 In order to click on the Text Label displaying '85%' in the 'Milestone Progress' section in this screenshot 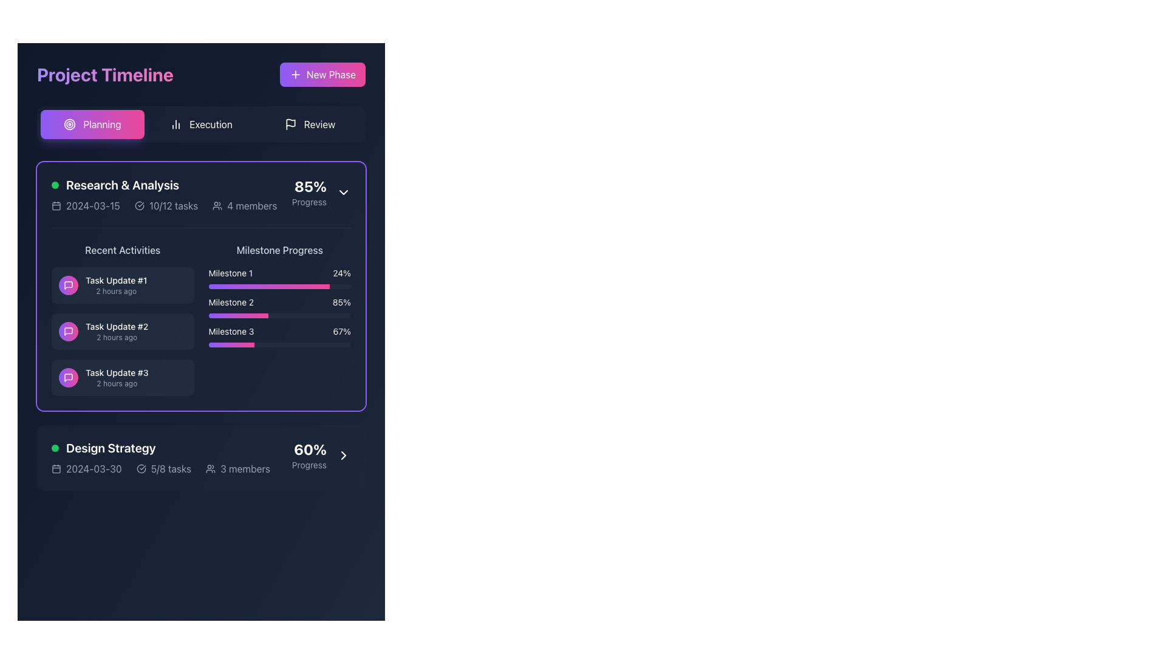, I will do `click(341, 301)`.